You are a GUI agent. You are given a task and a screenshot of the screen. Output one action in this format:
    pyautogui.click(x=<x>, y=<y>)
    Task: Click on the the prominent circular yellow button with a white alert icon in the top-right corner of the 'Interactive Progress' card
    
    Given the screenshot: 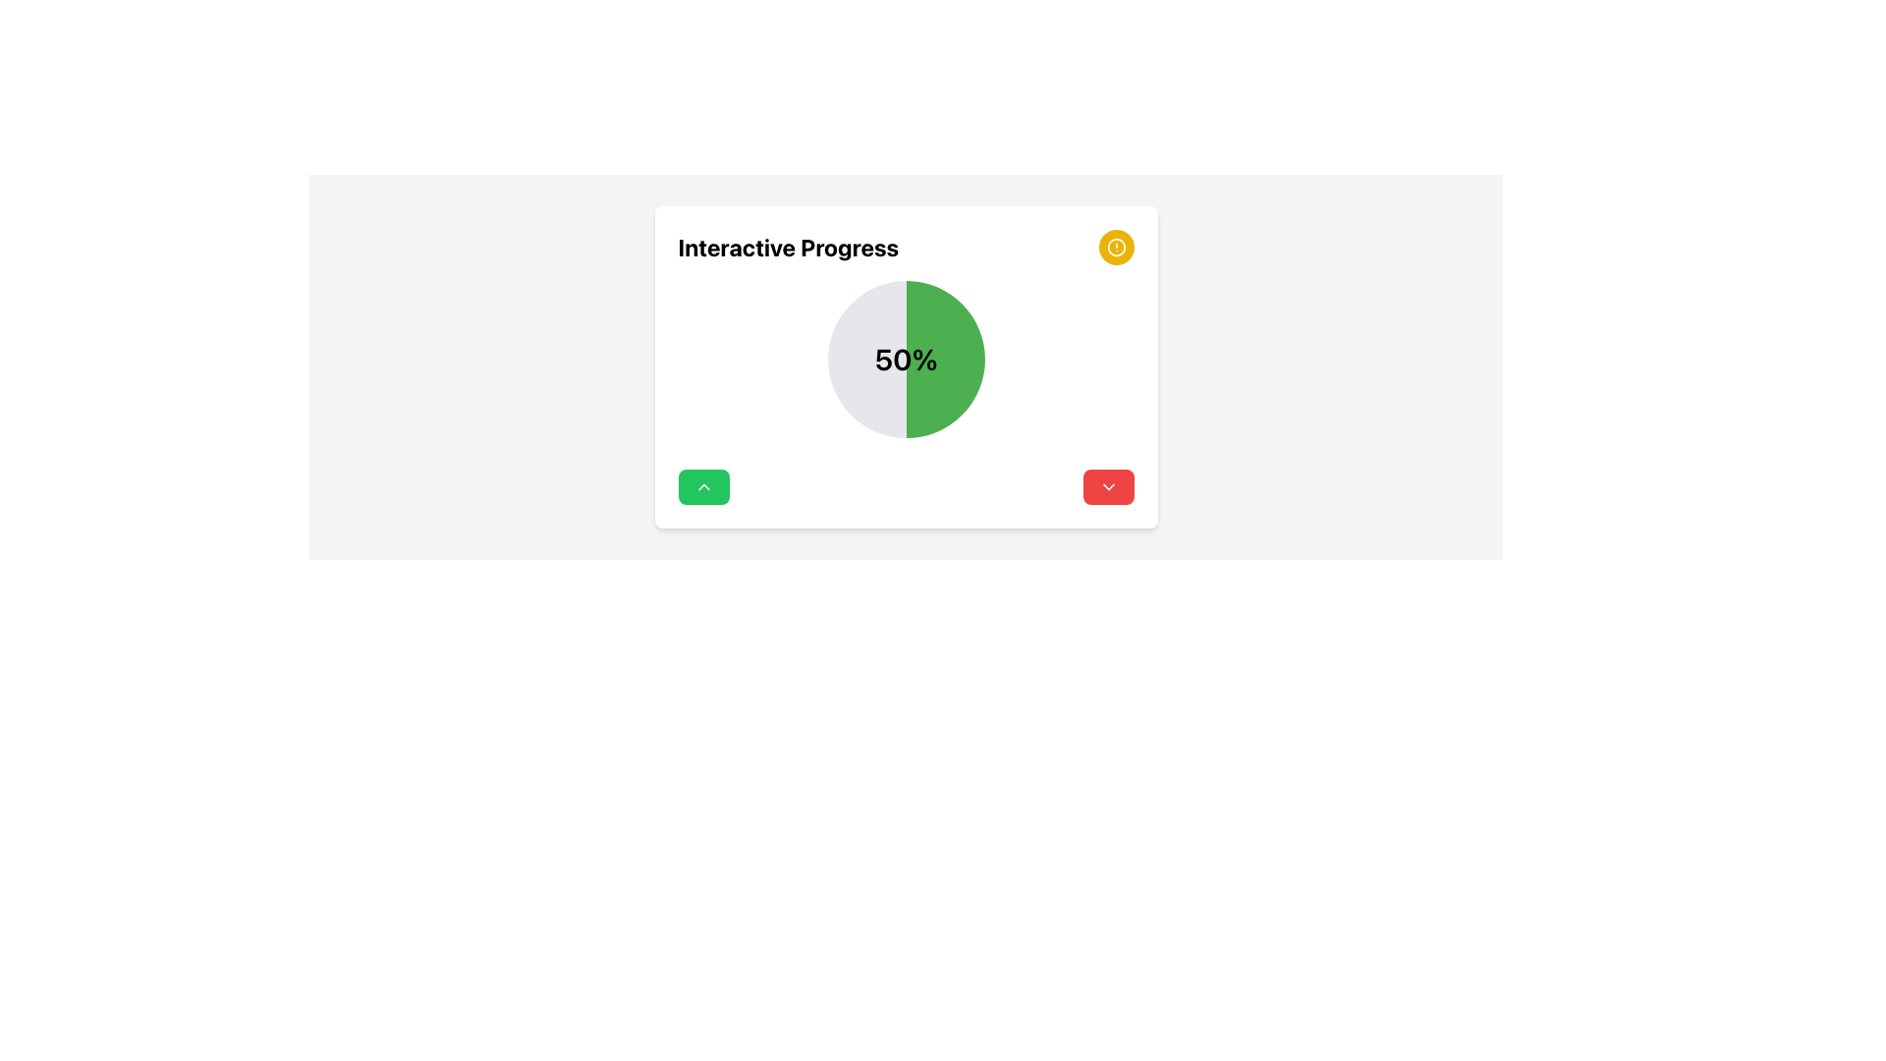 What is the action you would take?
    pyautogui.click(x=1116, y=246)
    